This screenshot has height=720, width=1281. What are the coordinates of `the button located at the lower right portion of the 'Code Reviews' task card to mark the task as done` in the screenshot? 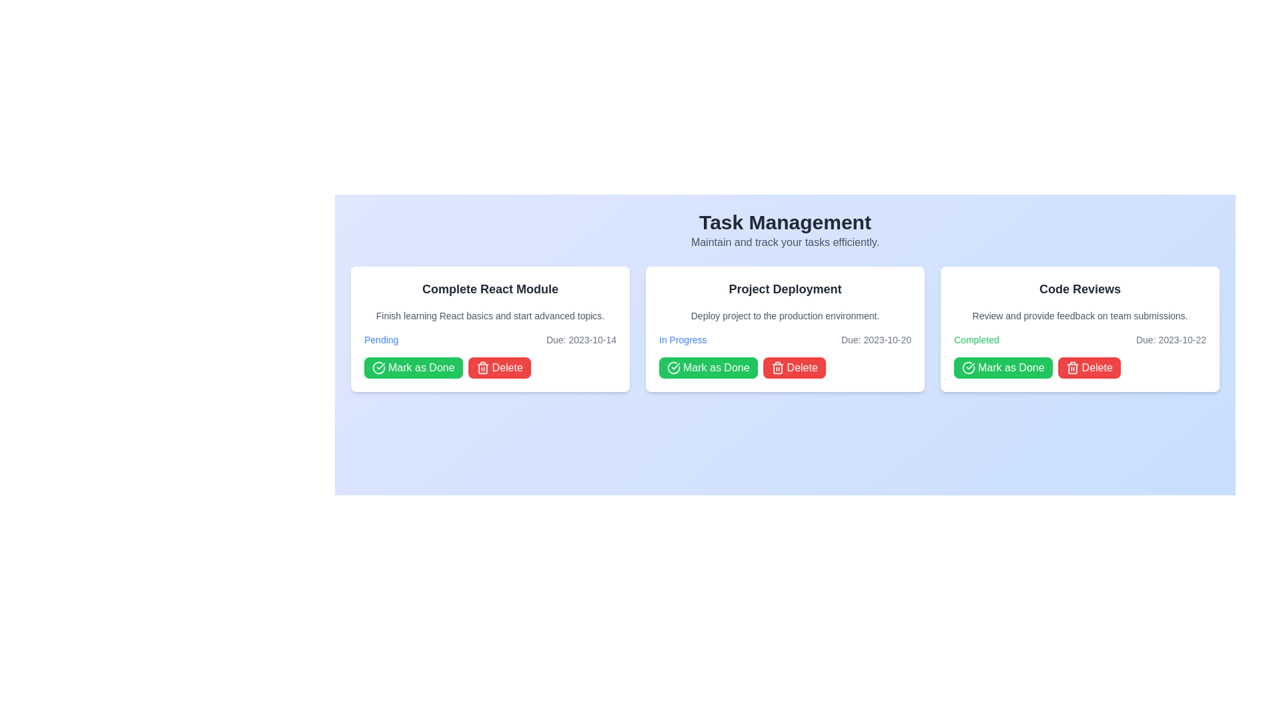 It's located at (1011, 367).